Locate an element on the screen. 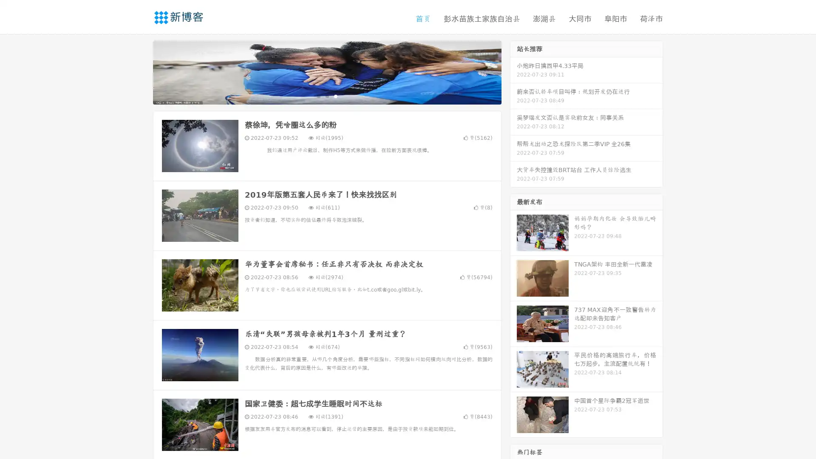  Go to slide 3 is located at coordinates (335, 96).